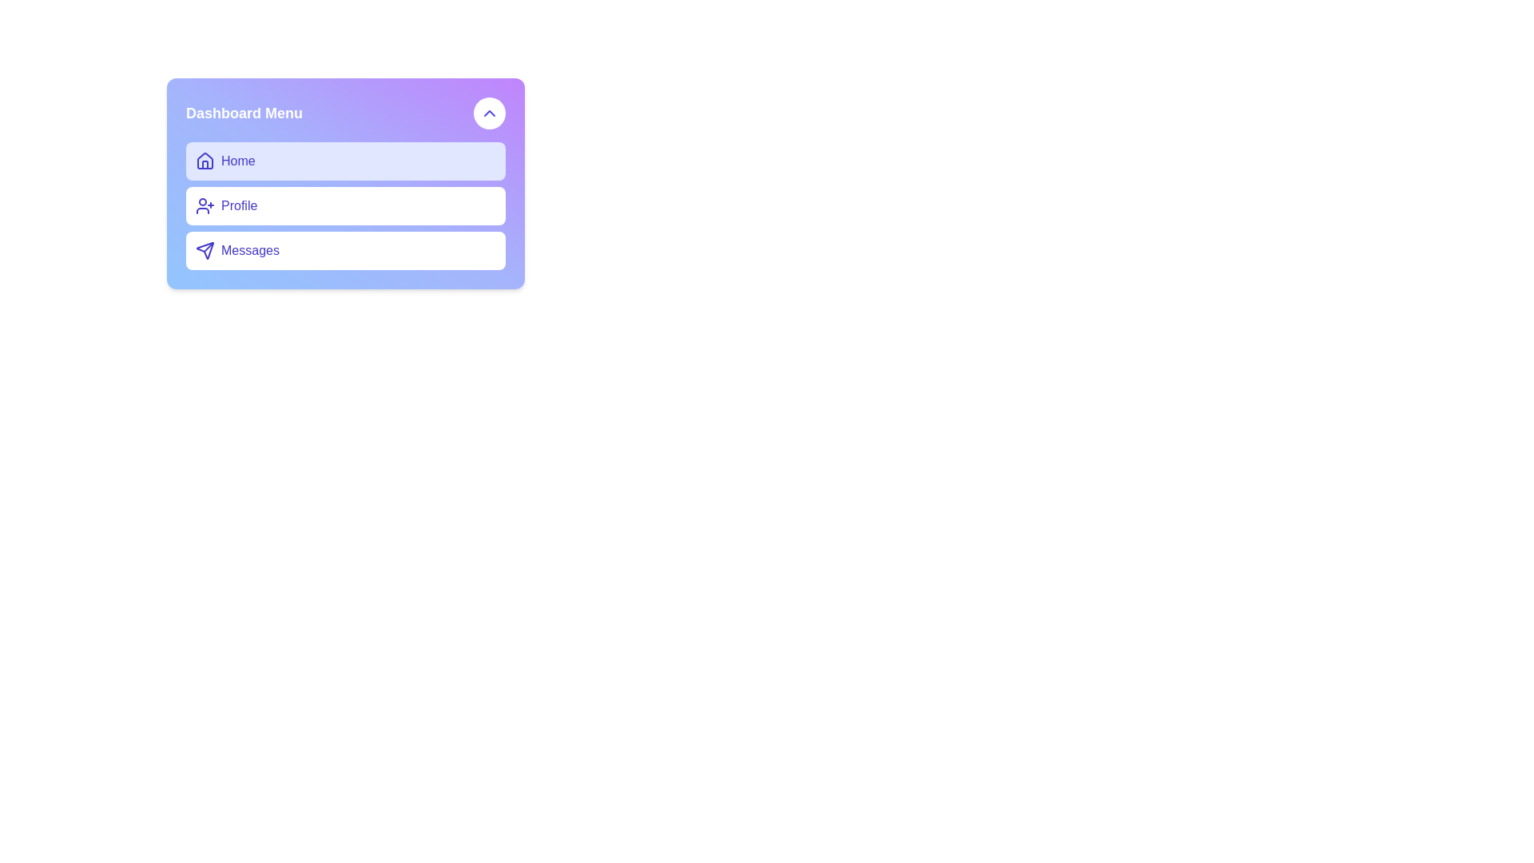 The width and height of the screenshot is (1534, 863). I want to click on the blue paper airplane icon located to the left of the 'Messages' label in the vertical menu structure, so click(205, 250).